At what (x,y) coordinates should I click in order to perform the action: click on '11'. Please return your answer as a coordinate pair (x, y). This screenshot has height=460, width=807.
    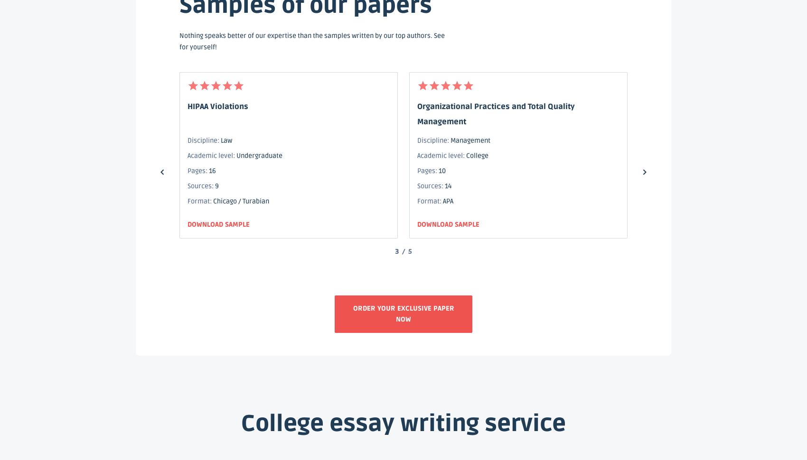
    Looking at the image, I should click on (677, 185).